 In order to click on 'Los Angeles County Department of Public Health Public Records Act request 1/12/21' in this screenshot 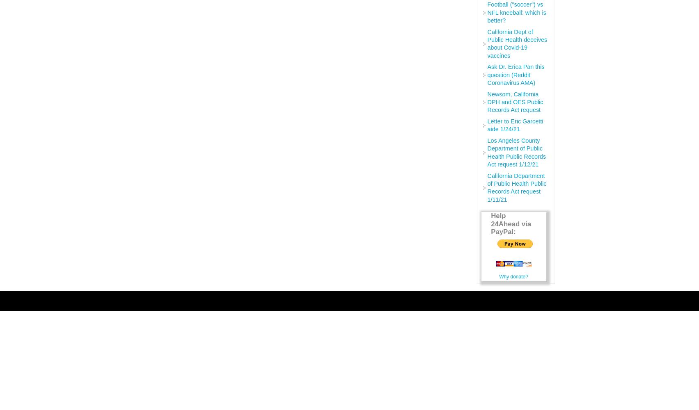, I will do `click(516, 152)`.